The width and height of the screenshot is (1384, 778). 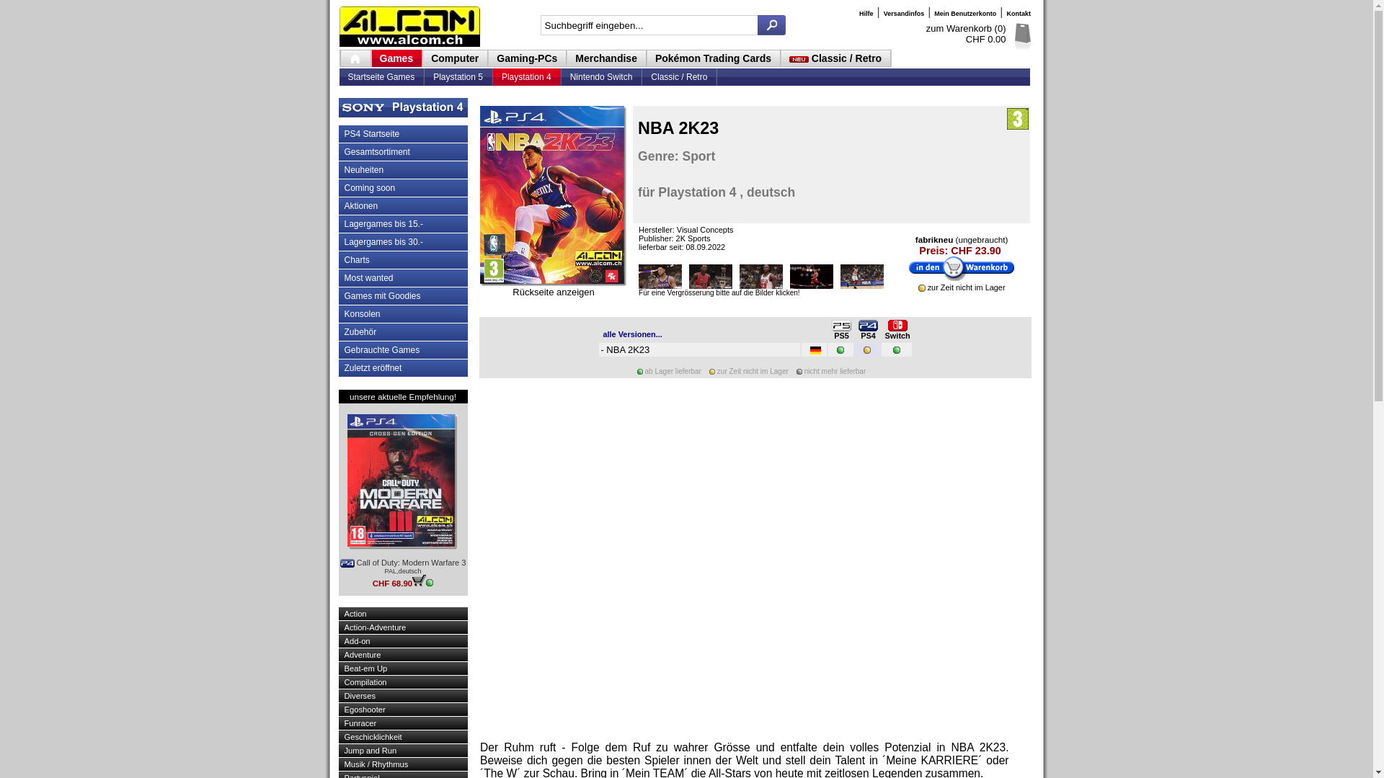 What do you see at coordinates (402, 396) in the screenshot?
I see `'unsere aktuelle Empfehlung!'` at bounding box center [402, 396].